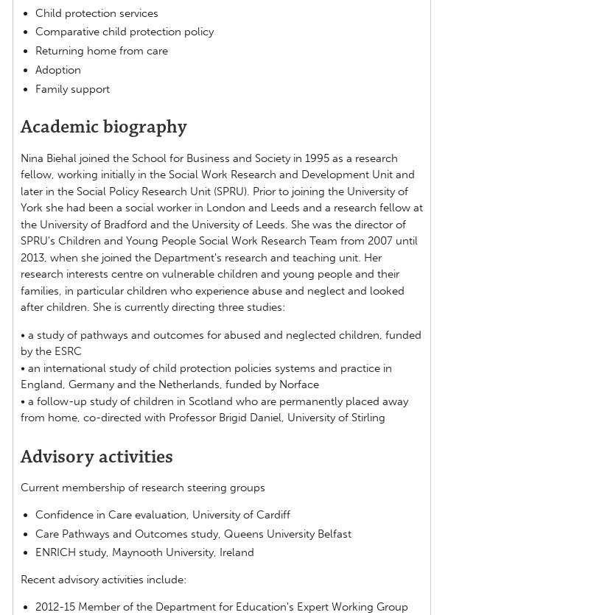 The height and width of the screenshot is (615, 616). Describe the element at coordinates (102, 127) in the screenshot. I see `'Academic biography'` at that location.